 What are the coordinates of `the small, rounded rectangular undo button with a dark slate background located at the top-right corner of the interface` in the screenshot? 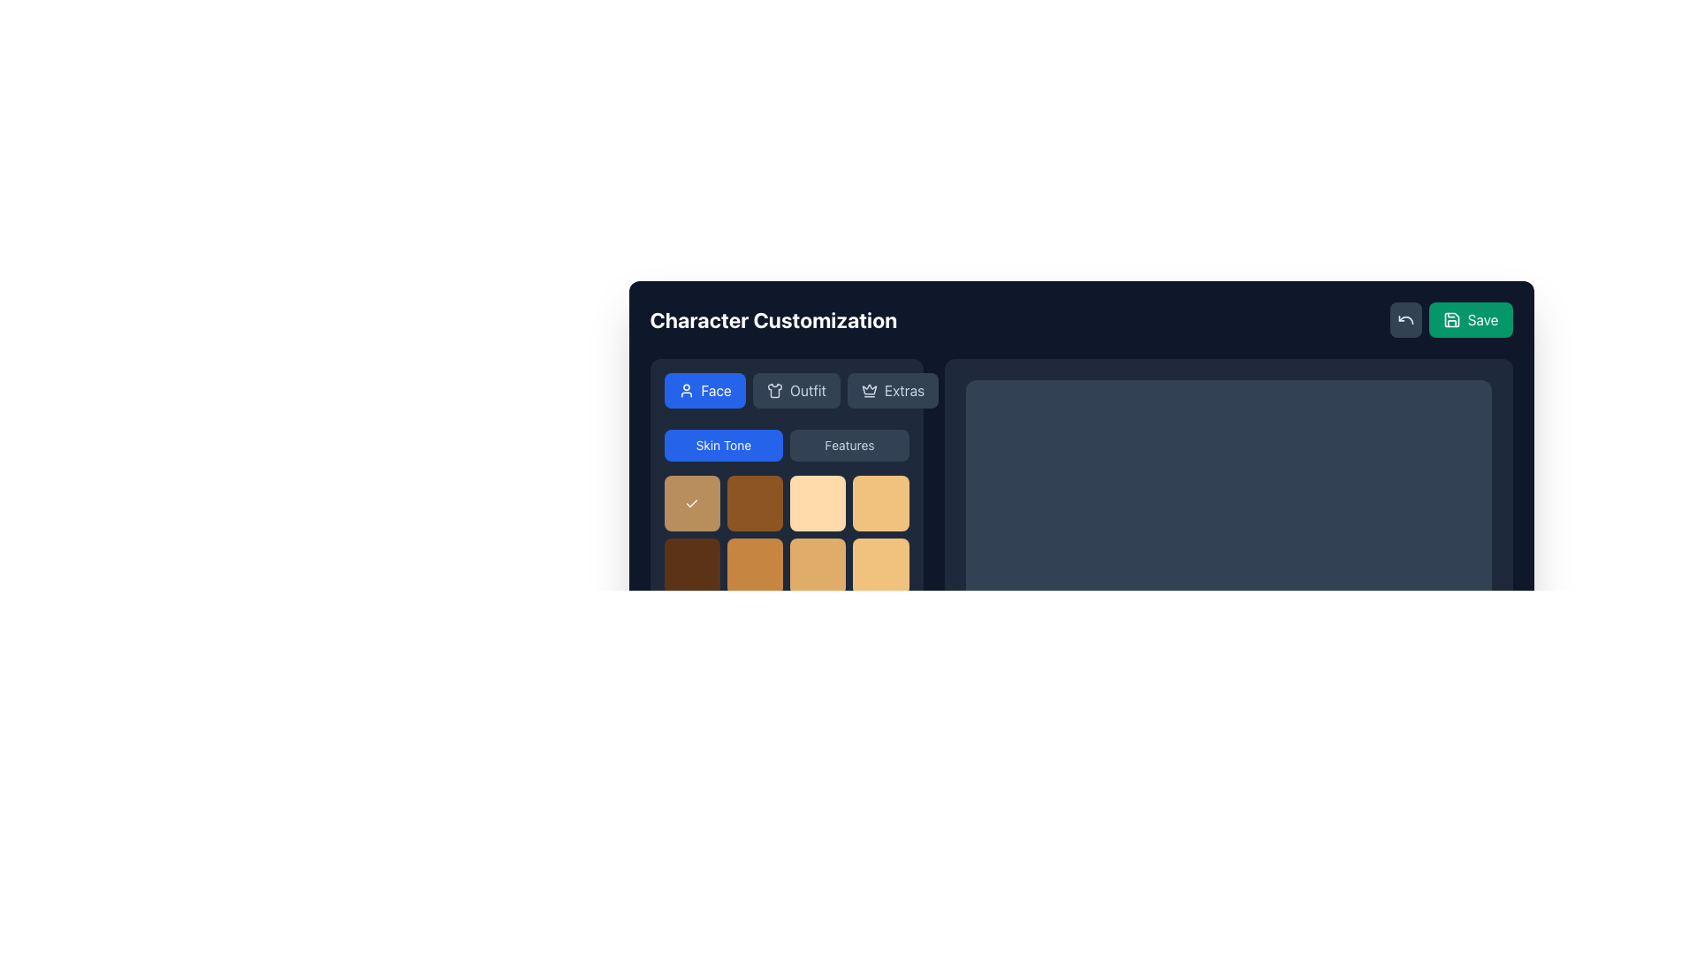 It's located at (1404, 320).